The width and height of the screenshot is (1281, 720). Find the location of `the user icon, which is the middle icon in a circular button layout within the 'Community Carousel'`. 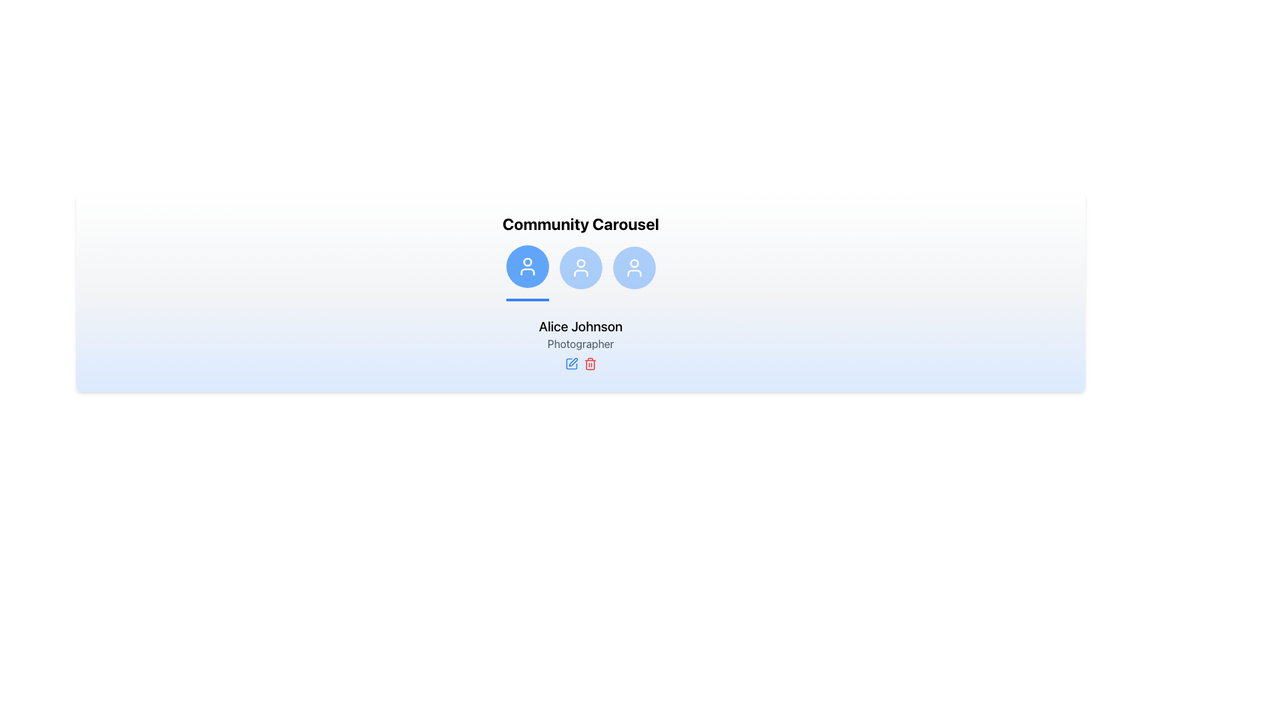

the user icon, which is the middle icon in a circular button layout within the 'Community Carousel' is located at coordinates (580, 267).